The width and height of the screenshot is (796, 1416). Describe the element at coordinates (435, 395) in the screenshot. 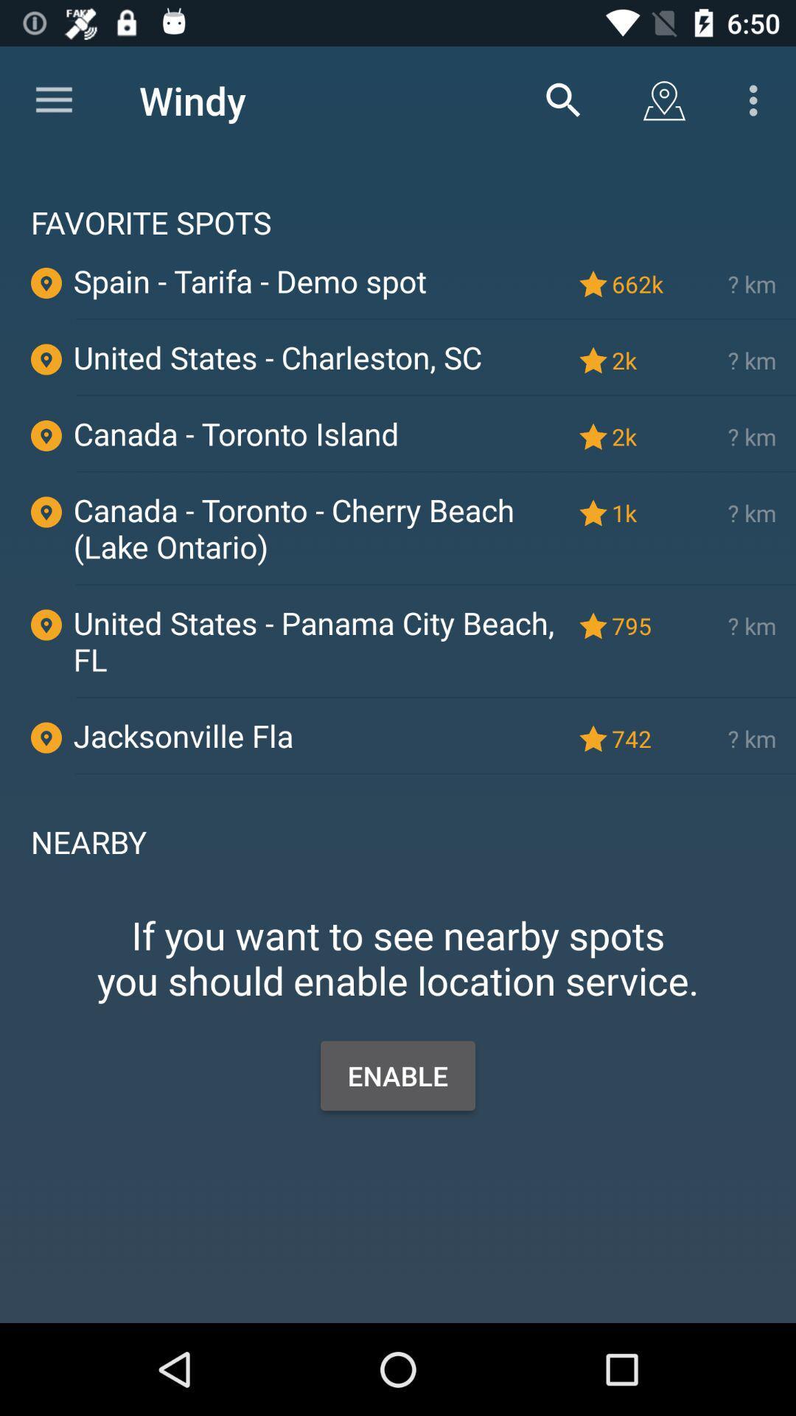

I see `the icon below united states charleston` at that location.